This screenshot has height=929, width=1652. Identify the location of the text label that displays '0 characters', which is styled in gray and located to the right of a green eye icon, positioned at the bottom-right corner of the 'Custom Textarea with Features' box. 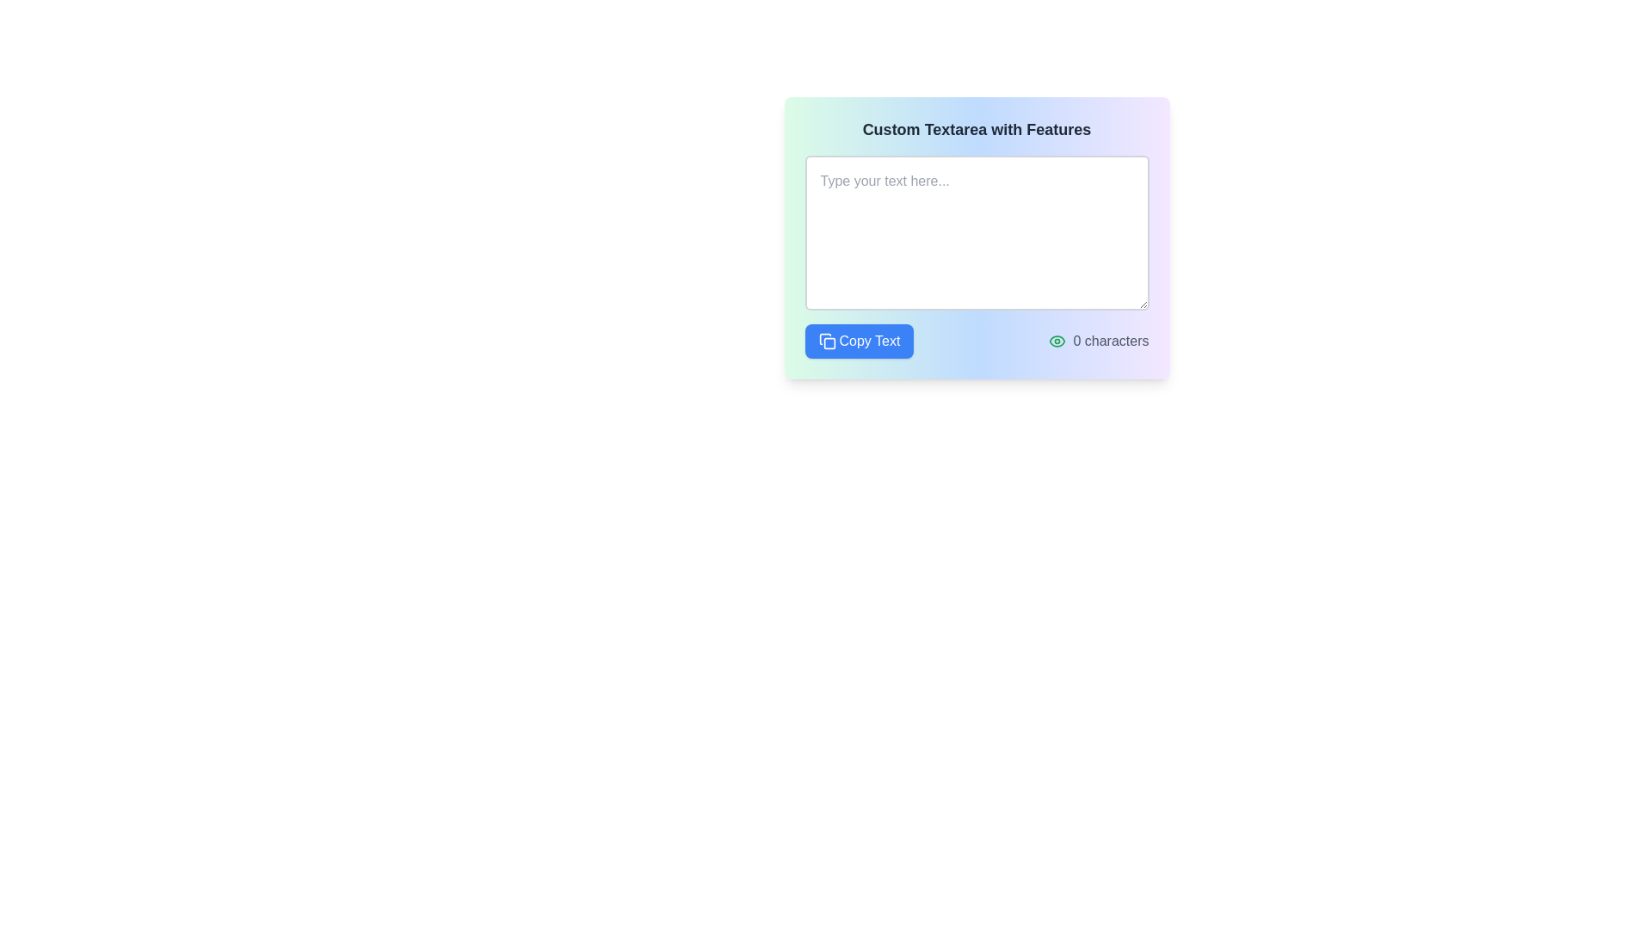
(1111, 341).